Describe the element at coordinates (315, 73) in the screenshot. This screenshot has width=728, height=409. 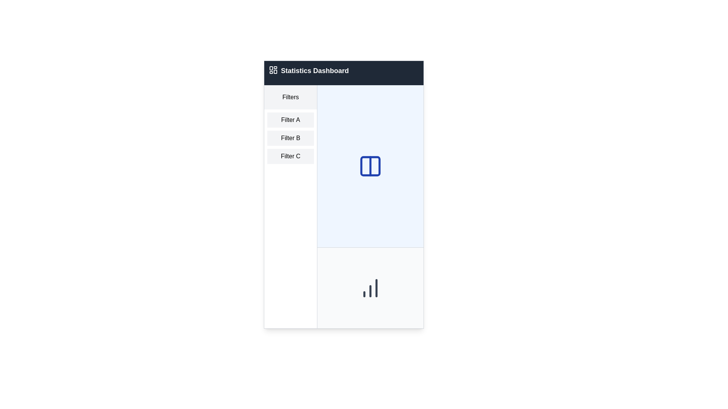
I see `the textual header displaying 'Statistics Dashboard' in the top navigation bar, which is positioned to the right of a small dashboard icon` at that location.